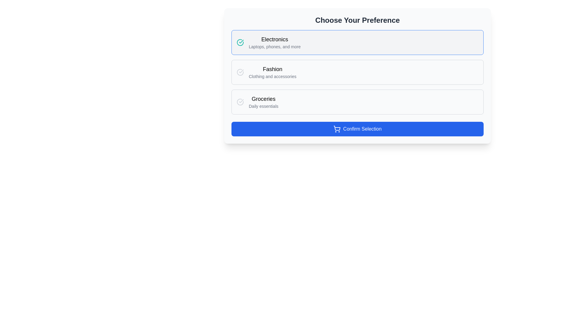  I want to click on the description text element under the 'Groceries' category in the selection interface to provide additional context, so click(263, 106).